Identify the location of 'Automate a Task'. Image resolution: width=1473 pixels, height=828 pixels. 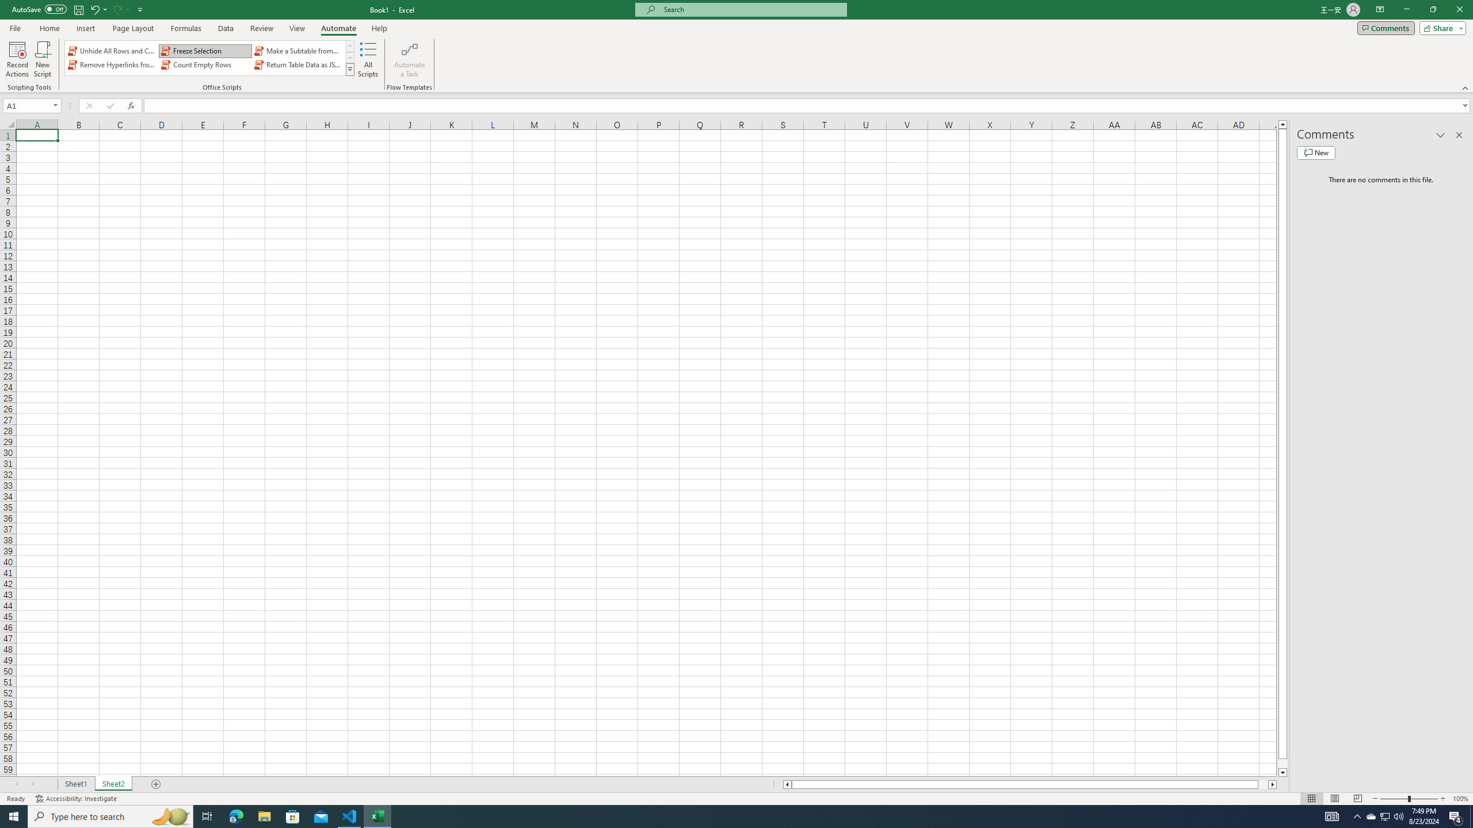
(409, 59).